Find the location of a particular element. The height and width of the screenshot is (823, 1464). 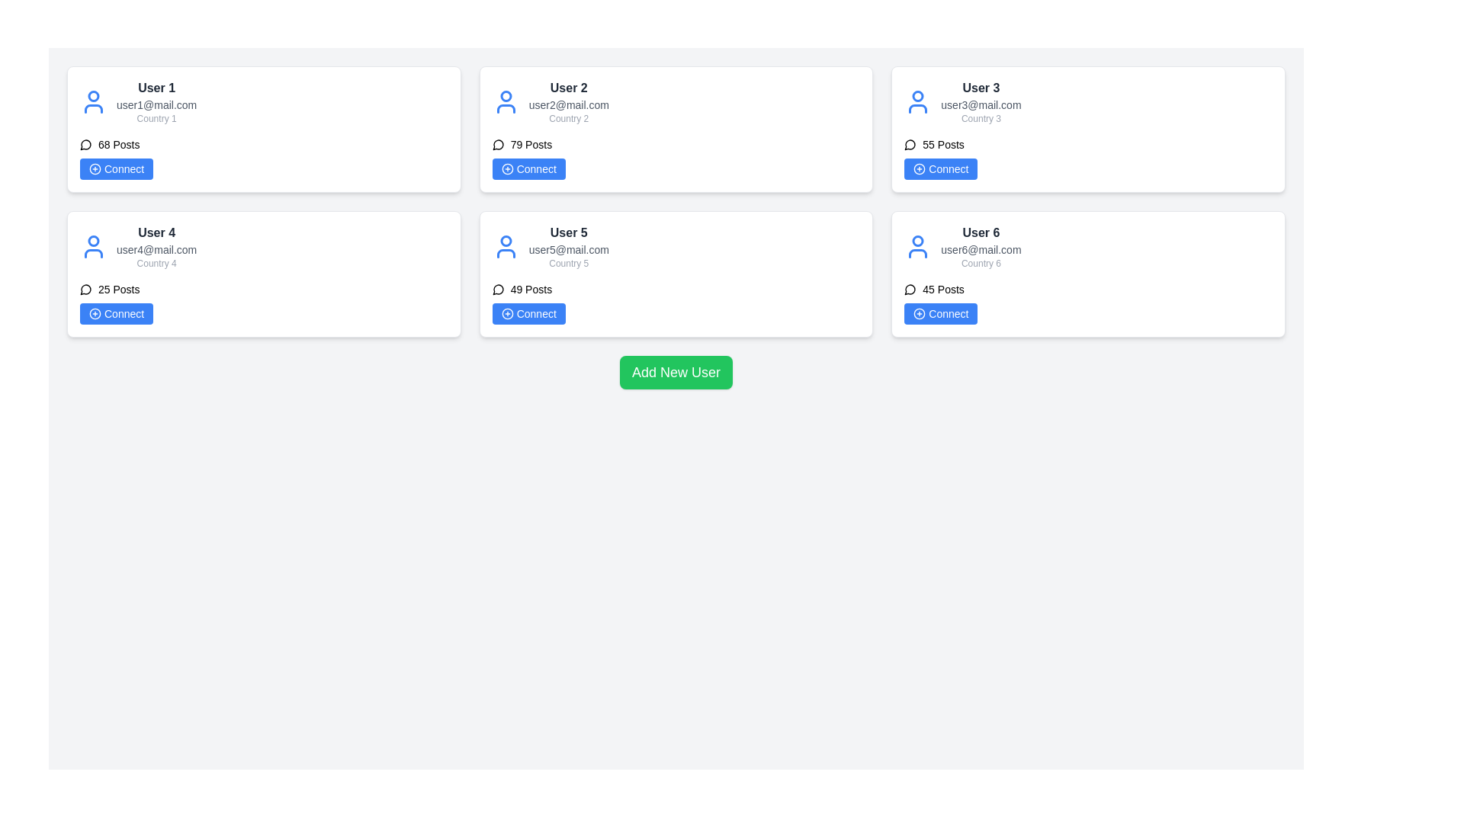

the circular part of the user profile icon representing User 4, located at the top-left section of the card is located at coordinates (93, 240).